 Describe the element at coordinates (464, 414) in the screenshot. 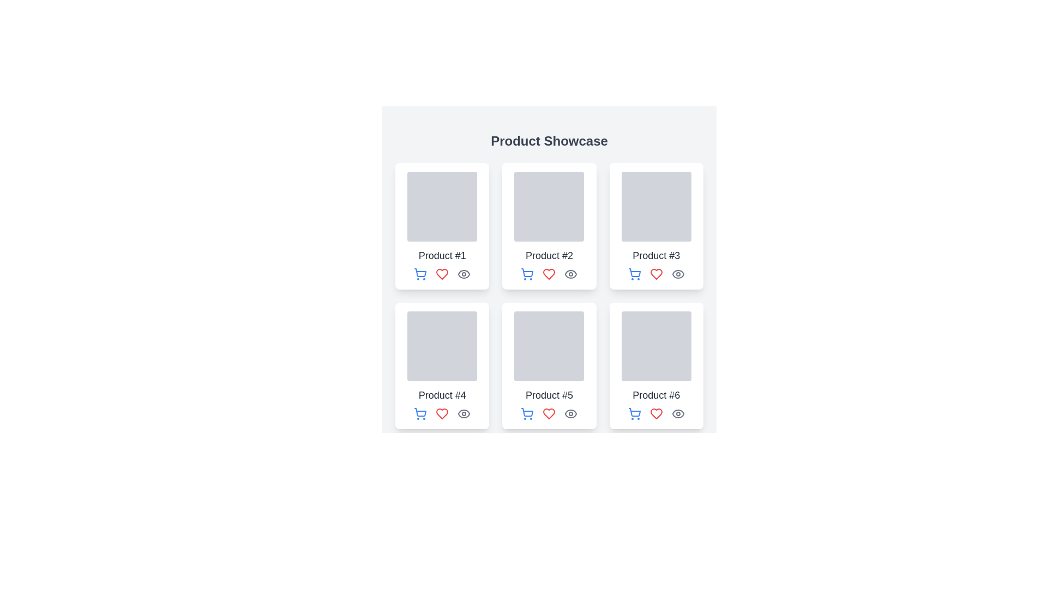

I see `the eye-shaped icon styled in gray for visibility actions located at the bottom-right of the fourth product card under 'Product #4'` at that location.